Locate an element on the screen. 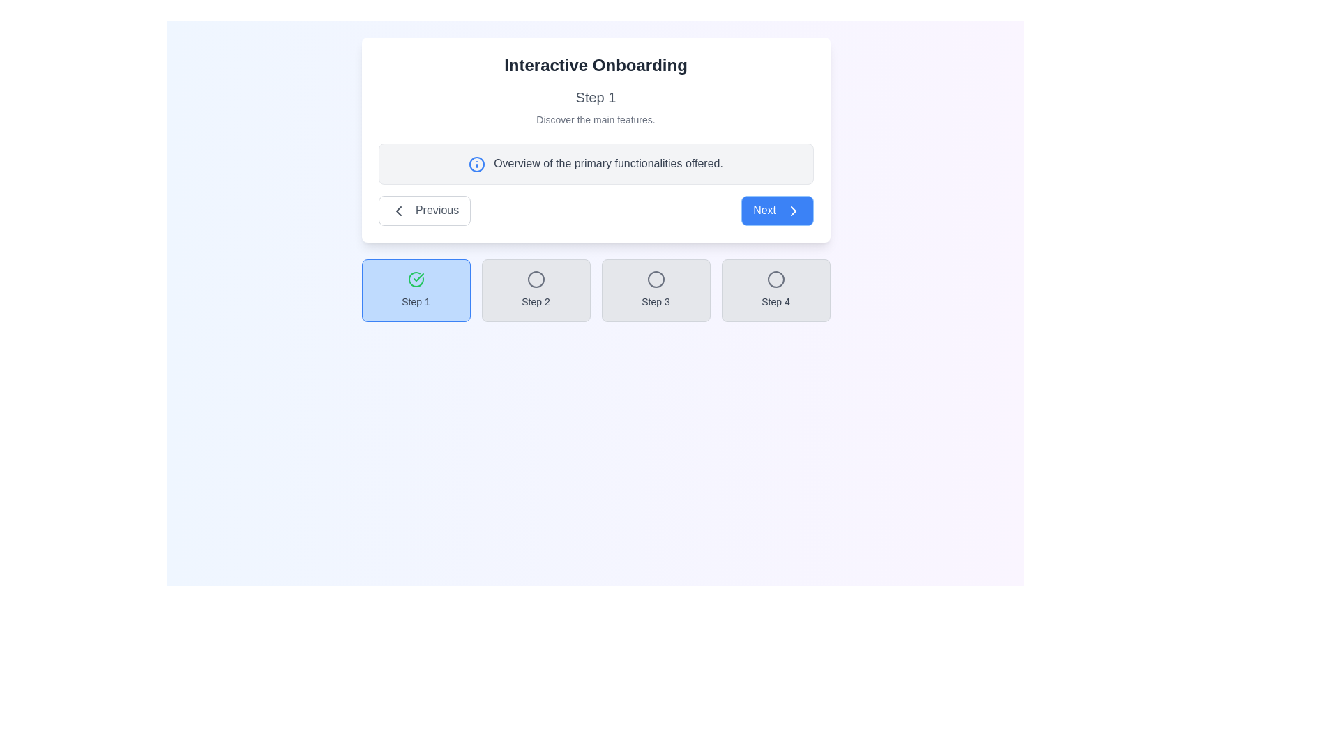  the 'Previous' button containing the leftwards-pointing chevron arrow is located at coordinates (398, 211).